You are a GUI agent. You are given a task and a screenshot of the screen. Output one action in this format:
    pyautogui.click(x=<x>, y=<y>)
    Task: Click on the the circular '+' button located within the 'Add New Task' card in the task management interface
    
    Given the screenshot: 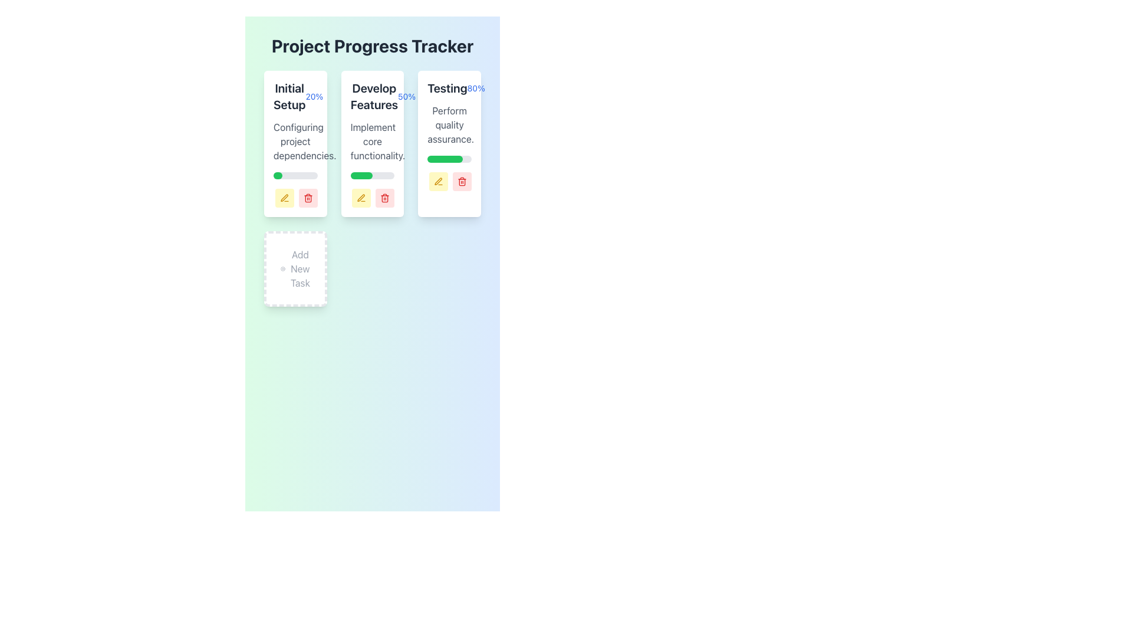 What is the action you would take?
    pyautogui.click(x=283, y=268)
    